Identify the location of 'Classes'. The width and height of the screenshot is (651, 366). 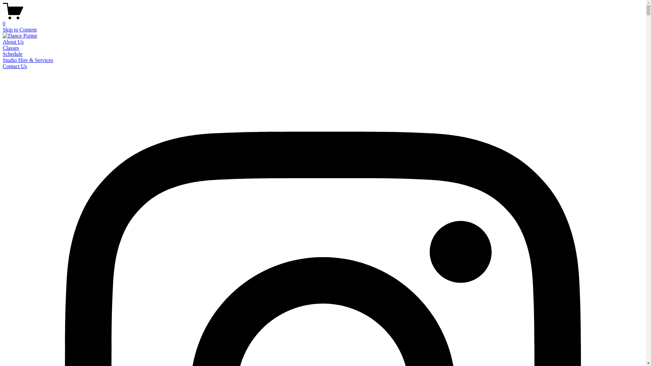
(11, 47).